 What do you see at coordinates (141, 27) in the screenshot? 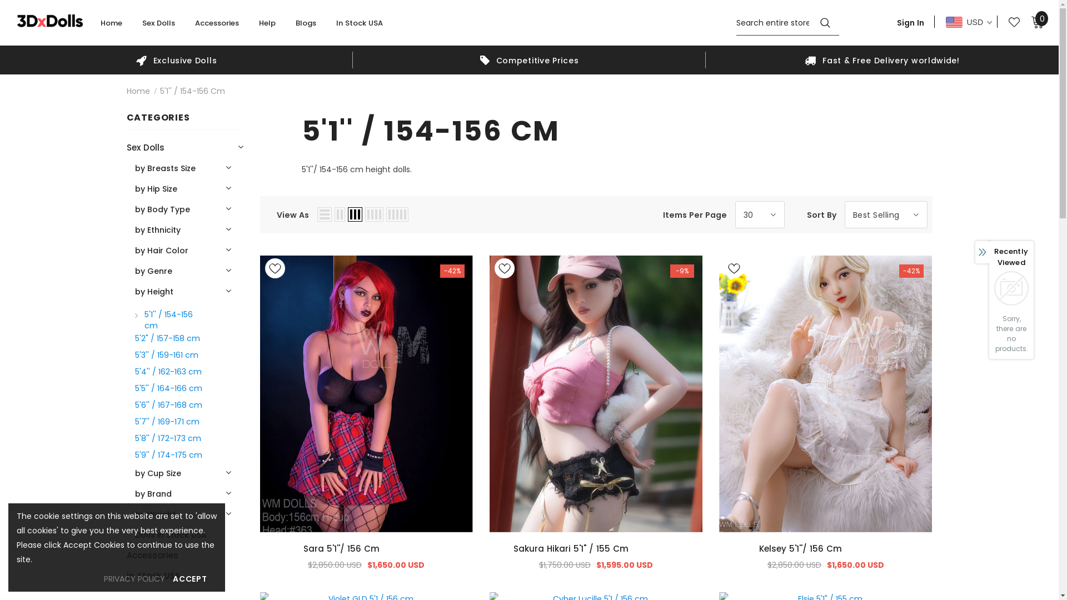
I see `'Sex Dolls'` at bounding box center [141, 27].